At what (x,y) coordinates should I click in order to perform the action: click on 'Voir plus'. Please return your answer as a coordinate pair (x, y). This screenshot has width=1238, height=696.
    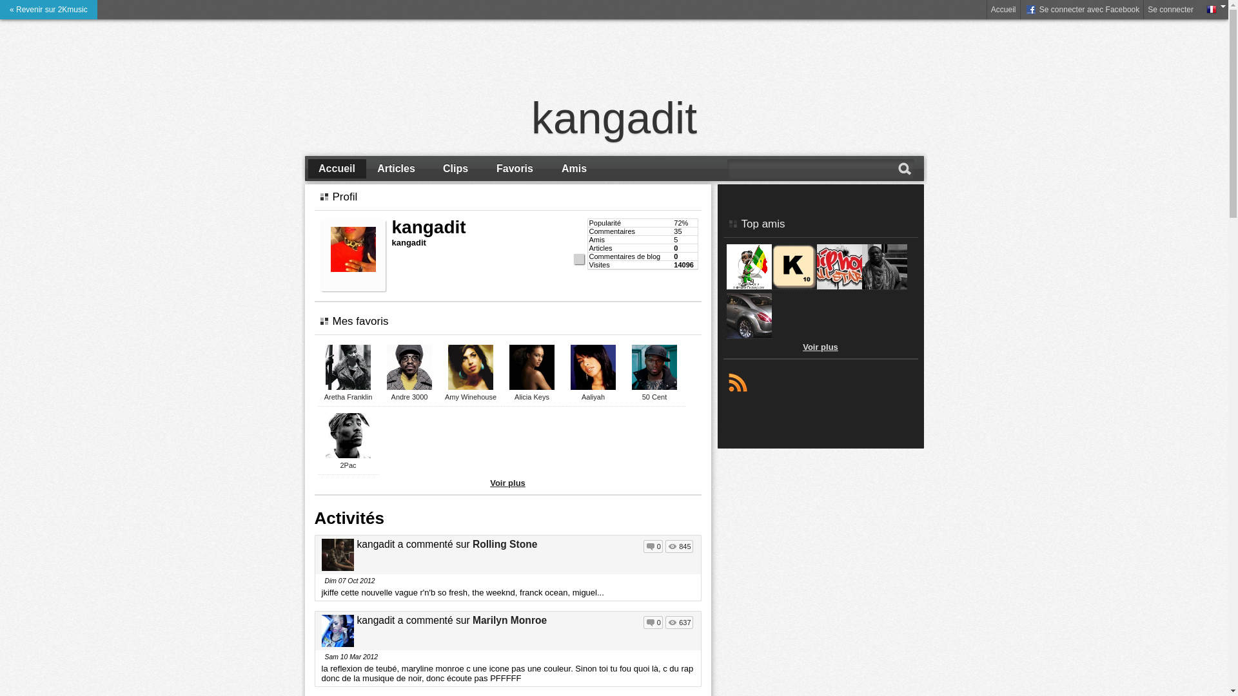
    Looking at the image, I should click on (801, 346).